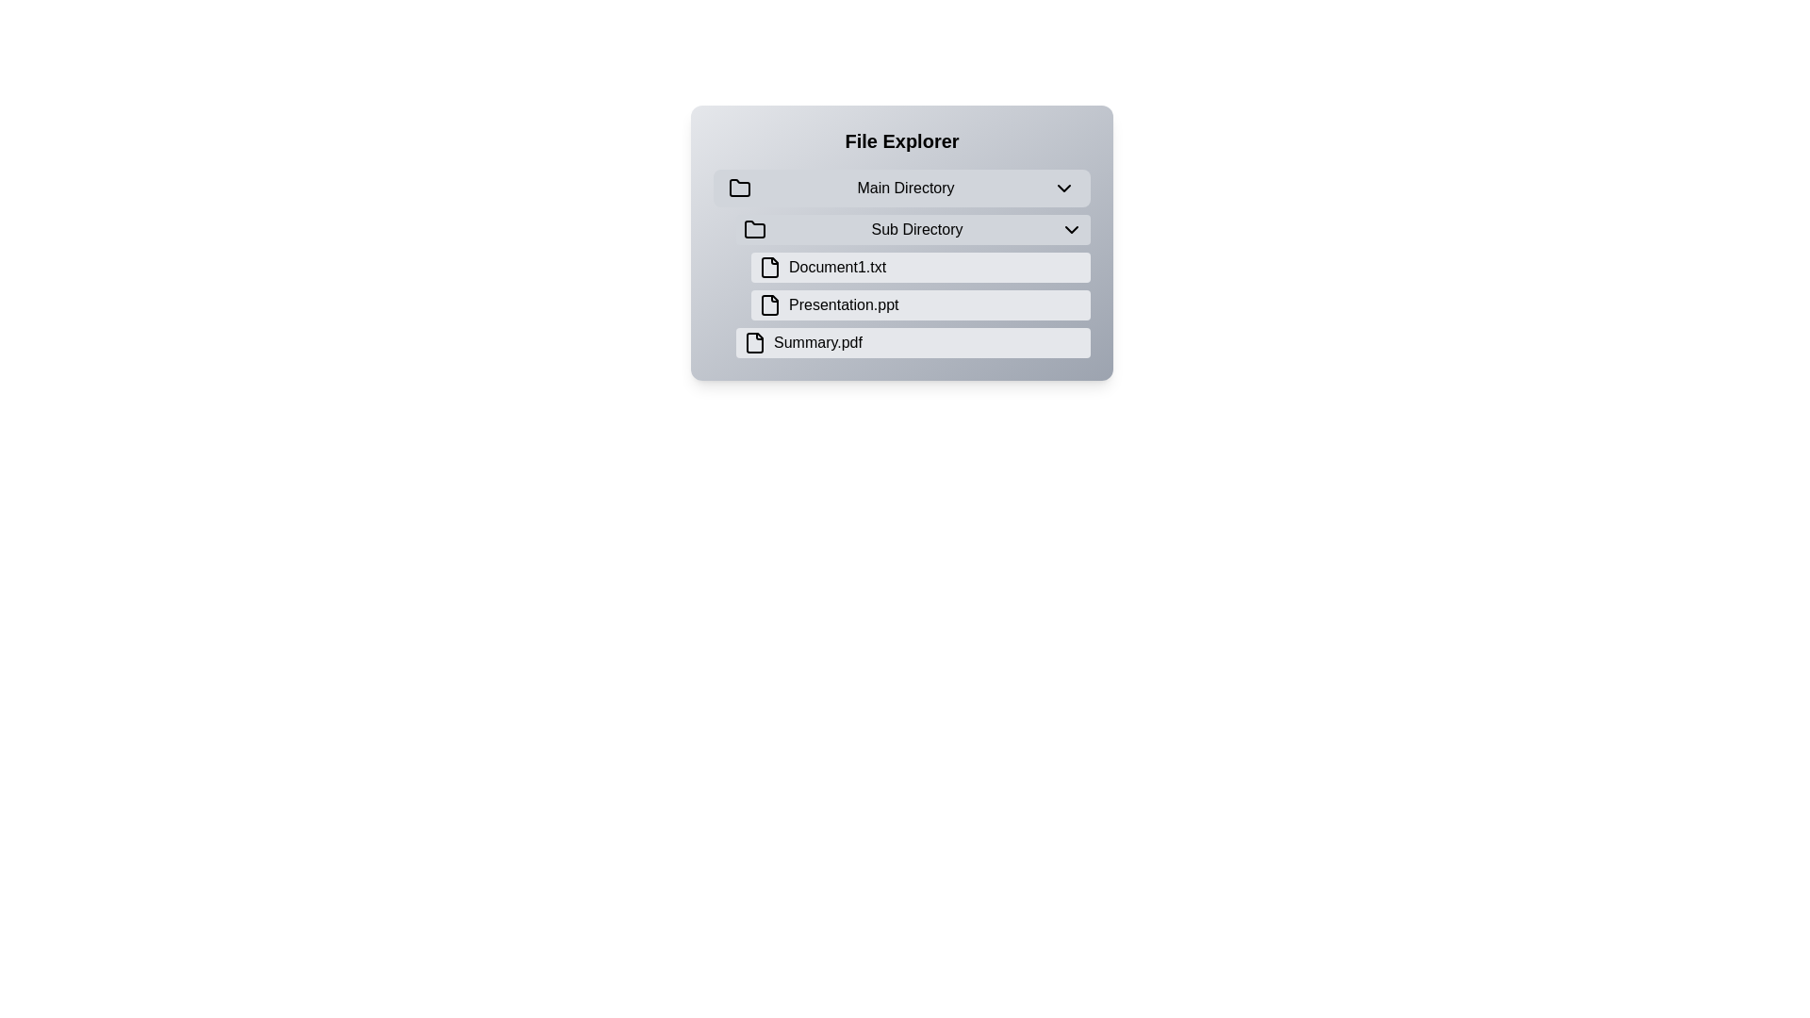  I want to click on the selectable file button in the file explorer interface located between 'Document1.txt' and 'Summary.pdf', so click(921, 304).